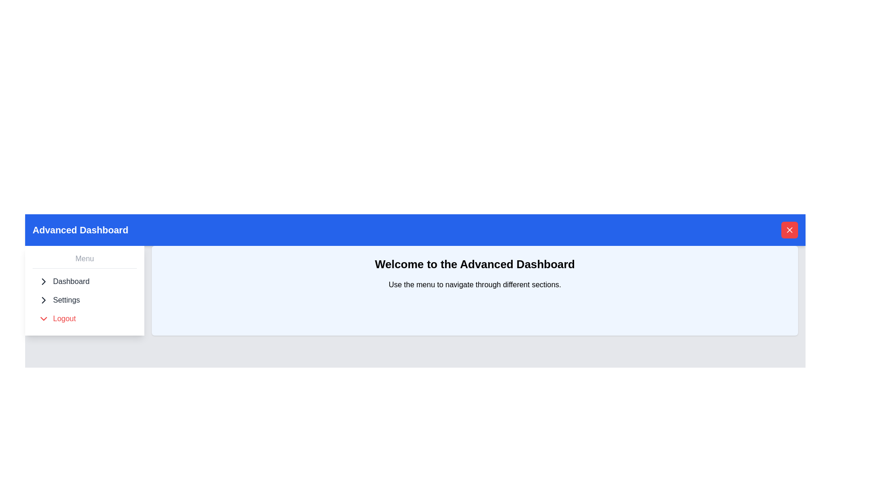 Image resolution: width=894 pixels, height=502 pixels. What do you see at coordinates (85, 290) in the screenshot?
I see `the navigation menu item located in the left section of the interface` at bounding box center [85, 290].